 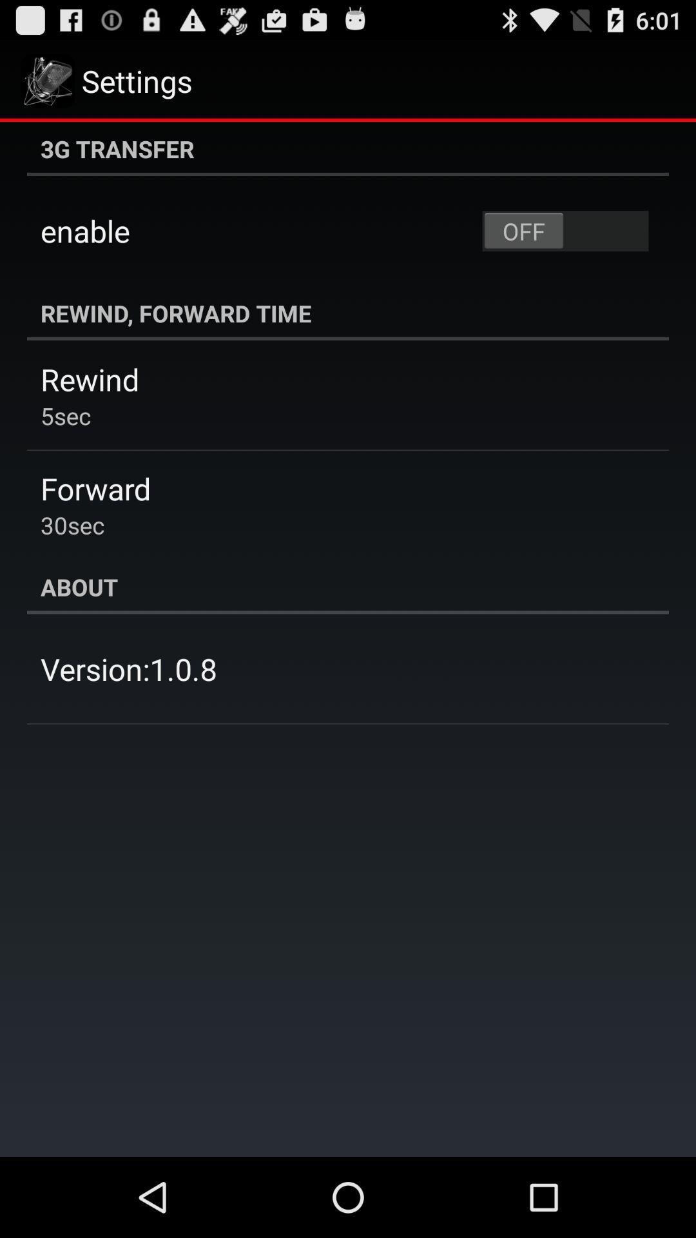 What do you see at coordinates (66, 415) in the screenshot?
I see `the item above forward icon` at bounding box center [66, 415].